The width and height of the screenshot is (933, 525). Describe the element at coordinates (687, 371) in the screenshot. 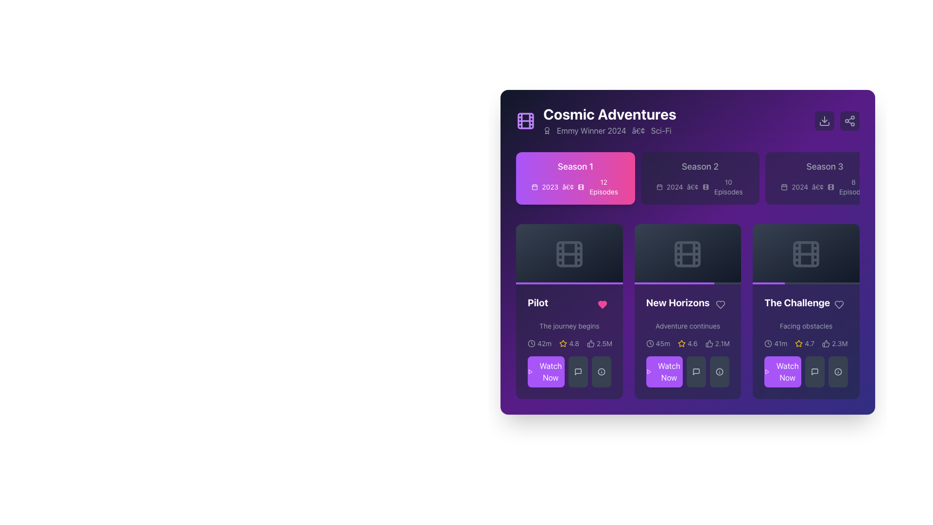

I see `the button located in the bottom left corner of the 'New Horizons' card to initiate video playback or access the associated content` at that location.